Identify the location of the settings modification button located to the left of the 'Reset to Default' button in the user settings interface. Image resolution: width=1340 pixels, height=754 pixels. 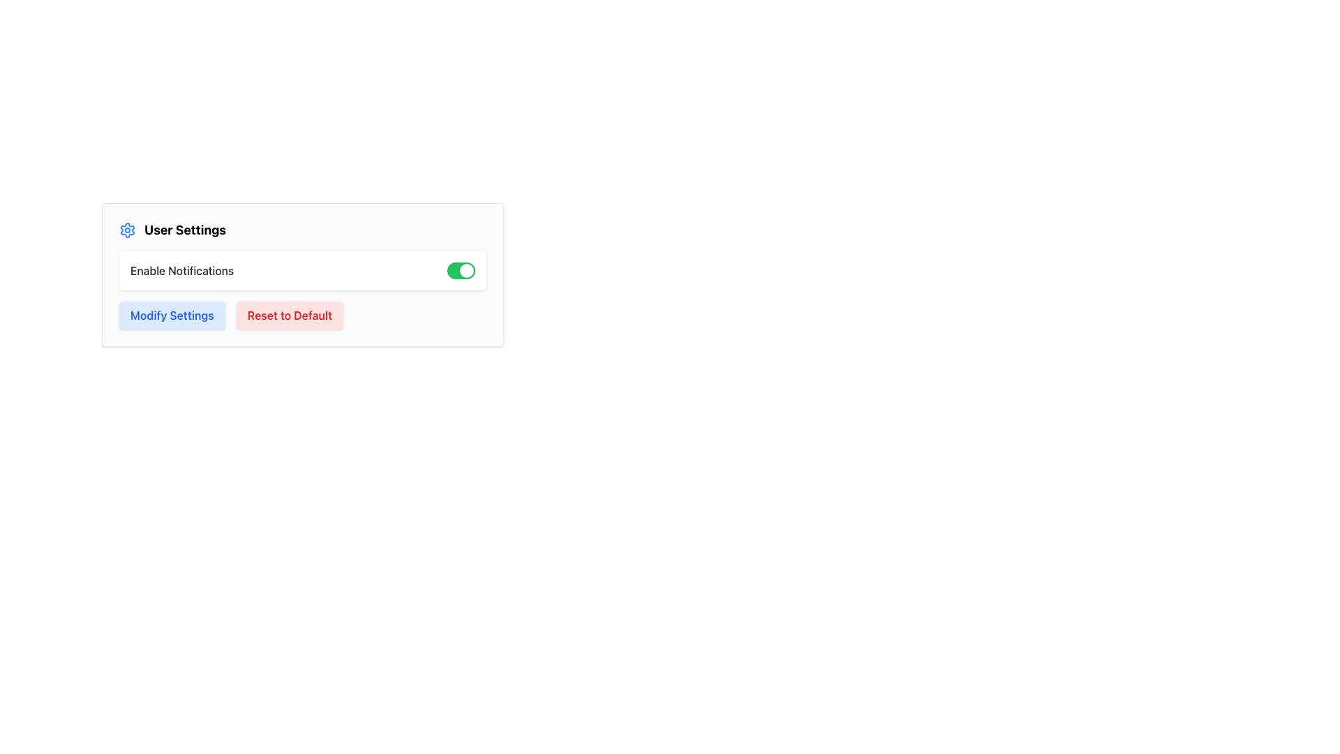
(171, 315).